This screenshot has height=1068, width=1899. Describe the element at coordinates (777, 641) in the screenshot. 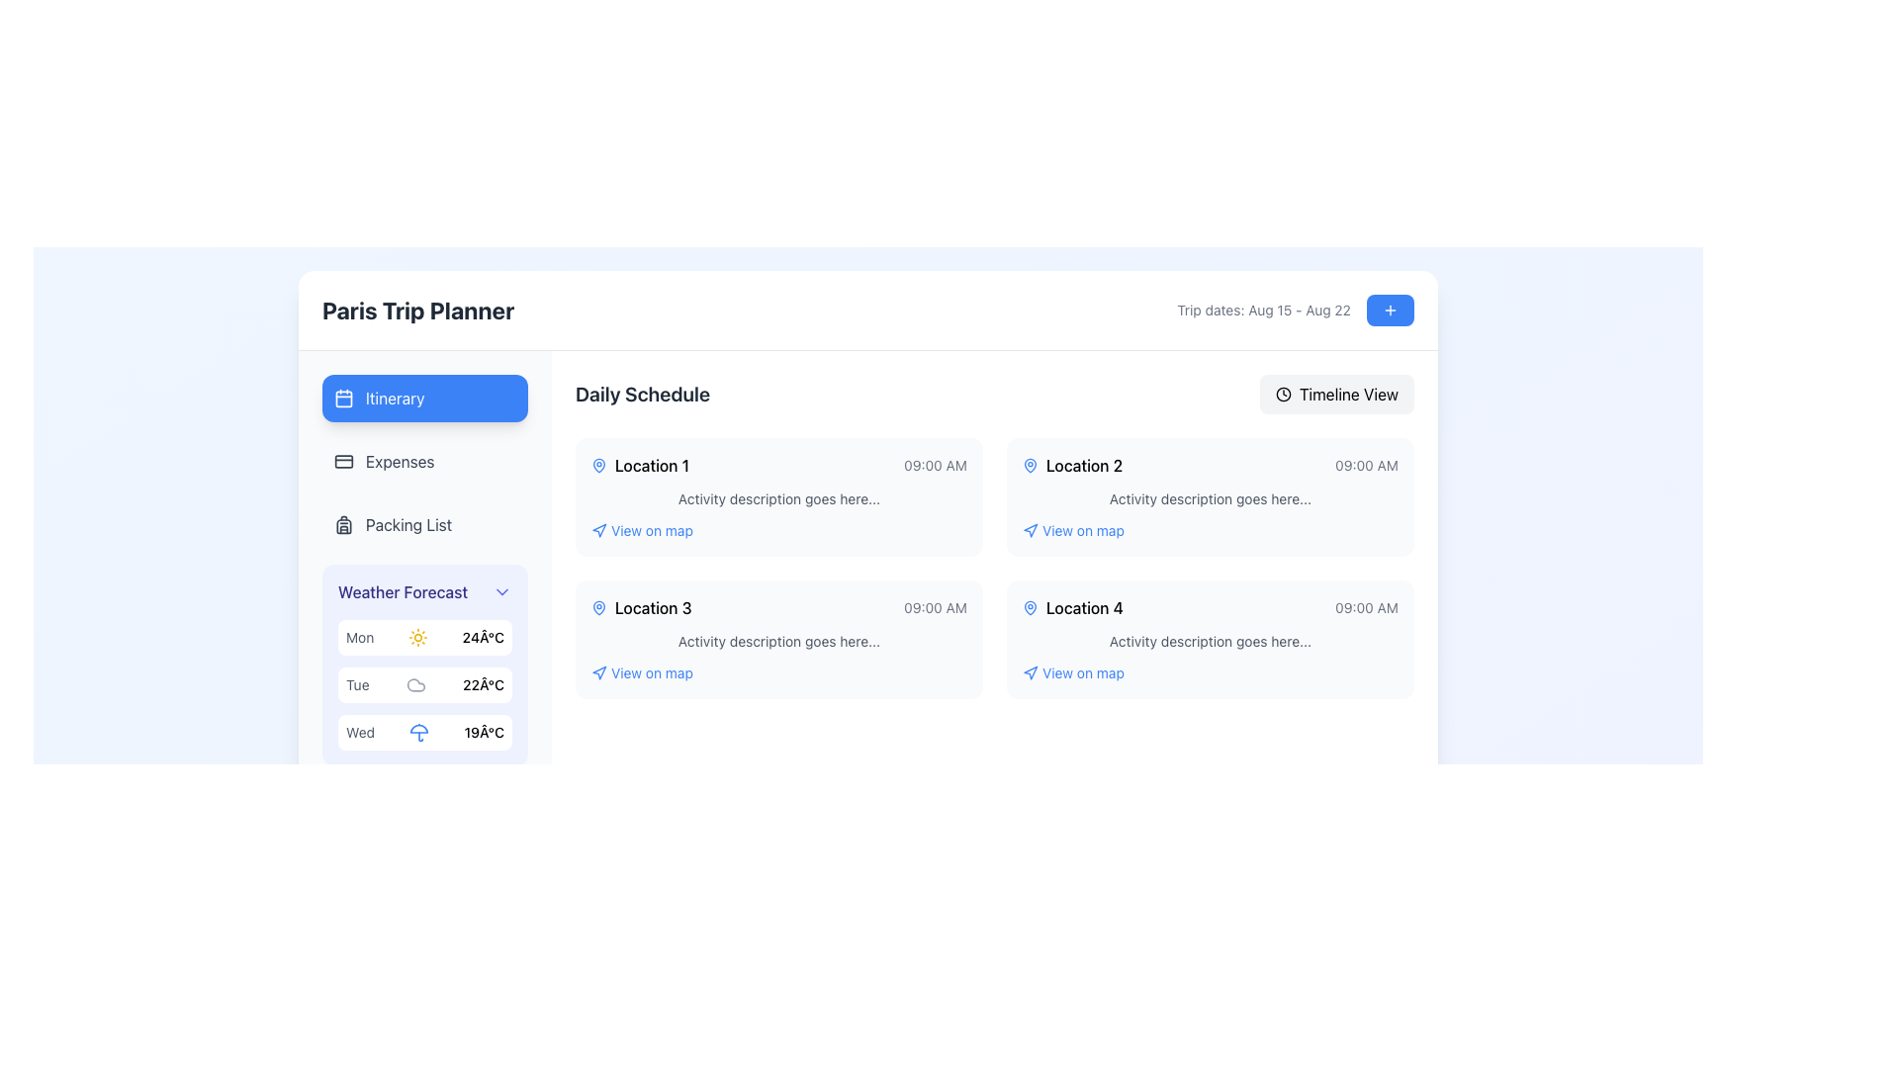

I see `the text element providing contextual information related to the scheduled activity, located below 'Location 3' and '09:00 AM' in the third schedule card of the Daily Schedule section` at that location.